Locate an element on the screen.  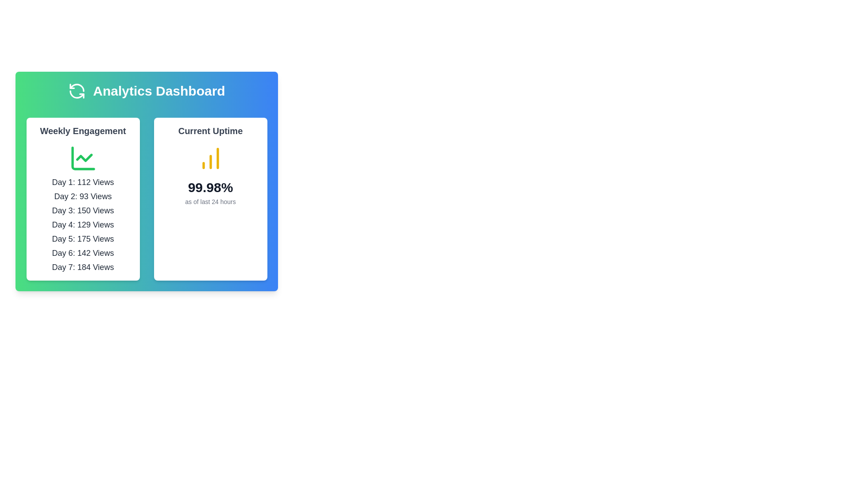
the text label that reads 'Day 2: 93 Views', which is the second item in the 'Weekly Engagement' section on the left side of the interface is located at coordinates (83, 196).